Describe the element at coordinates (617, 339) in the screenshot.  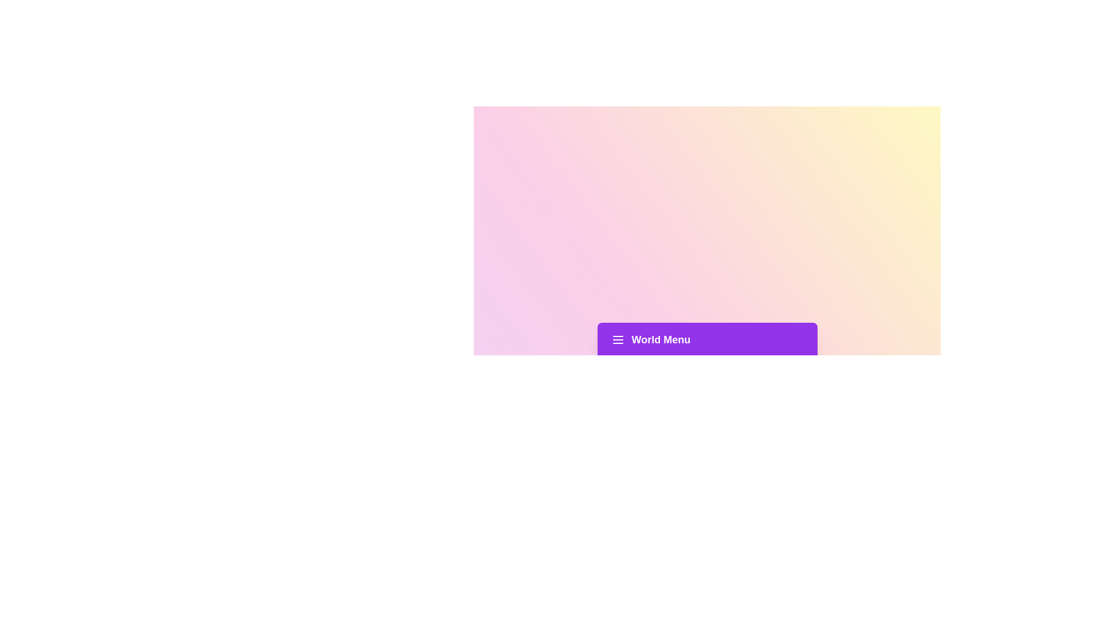
I see `the menu icon in the header` at that location.